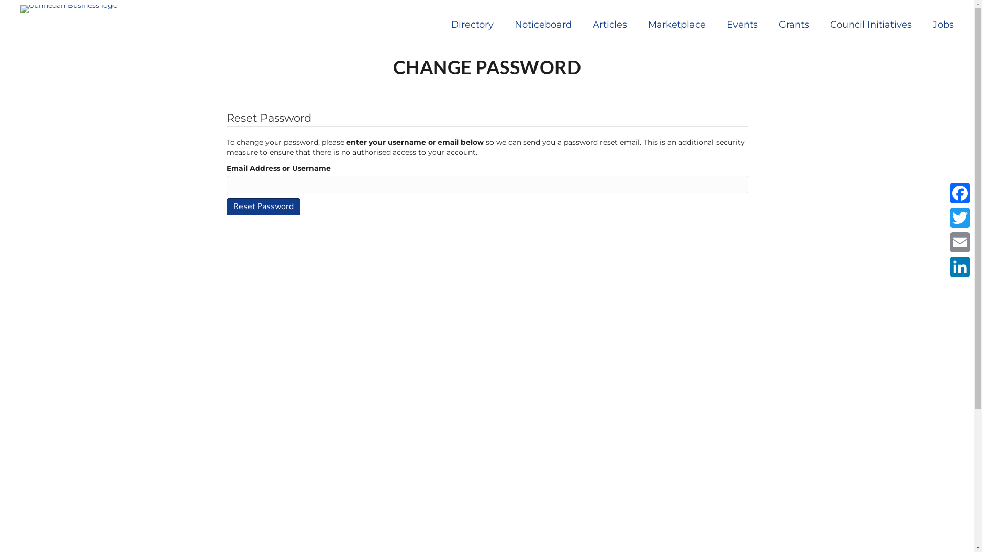 This screenshot has width=982, height=552. I want to click on 'Reset Password', so click(262, 206).